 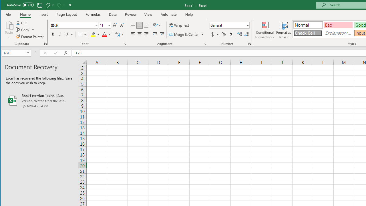 What do you see at coordinates (69, 34) in the screenshot?
I see `'Underline'` at bounding box center [69, 34].